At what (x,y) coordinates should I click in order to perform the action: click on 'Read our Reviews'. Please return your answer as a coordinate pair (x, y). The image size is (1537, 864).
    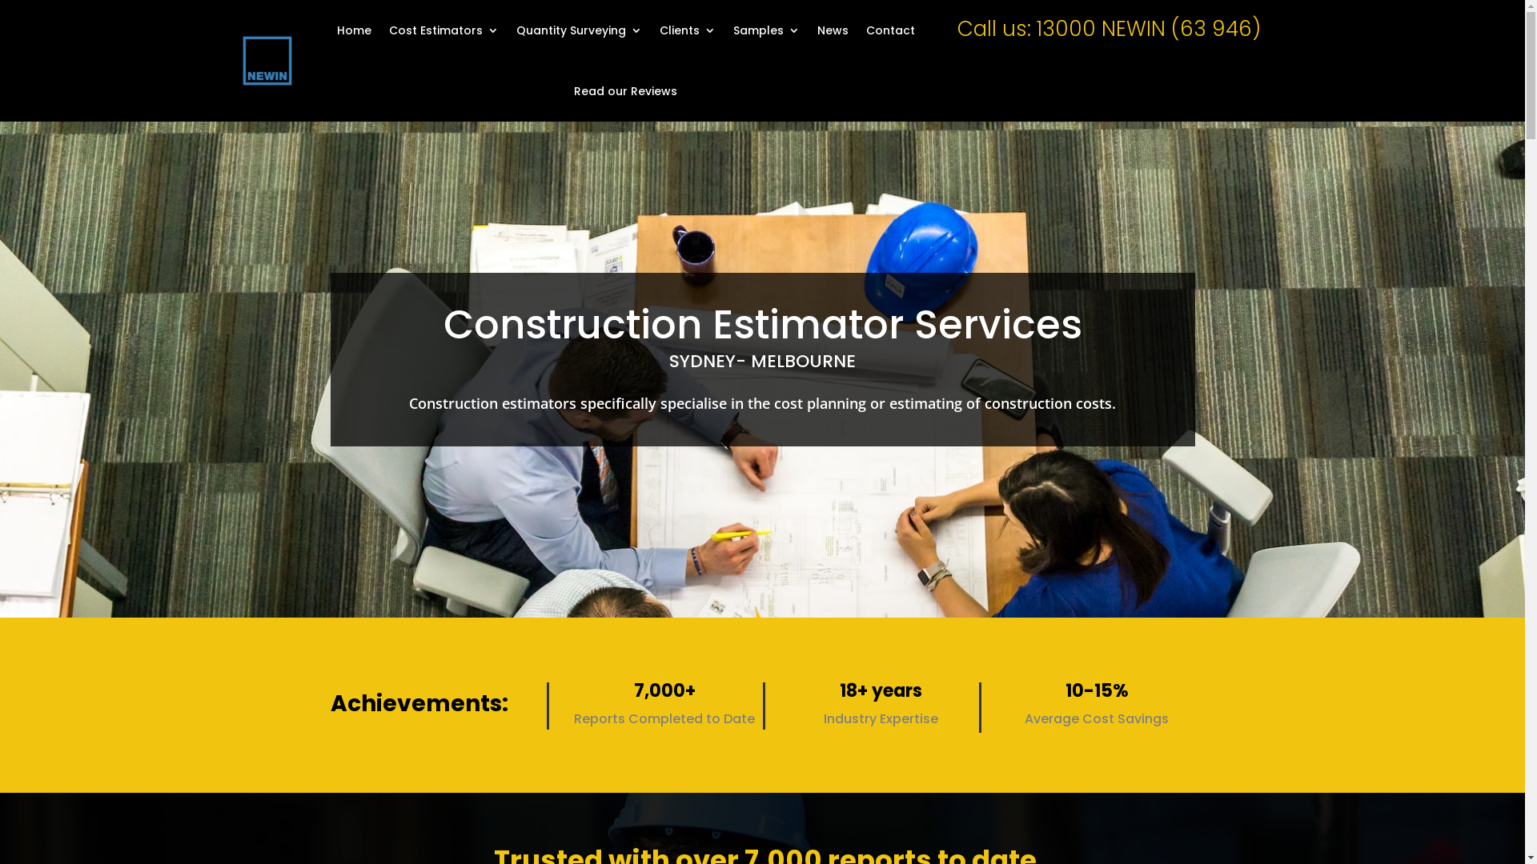
    Looking at the image, I should click on (624, 91).